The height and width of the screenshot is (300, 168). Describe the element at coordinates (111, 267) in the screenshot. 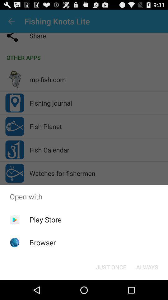

I see `just once button` at that location.